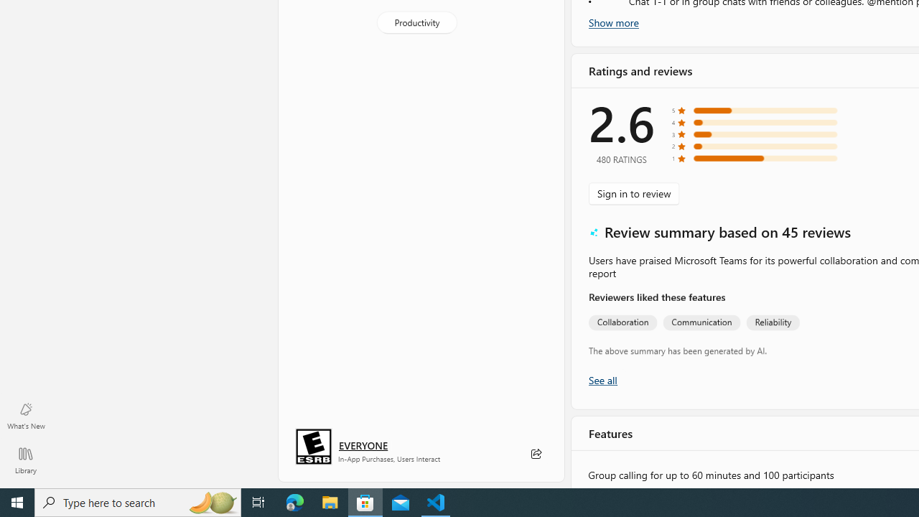 The height and width of the screenshot is (517, 919). I want to click on 'Productivity', so click(415, 22).